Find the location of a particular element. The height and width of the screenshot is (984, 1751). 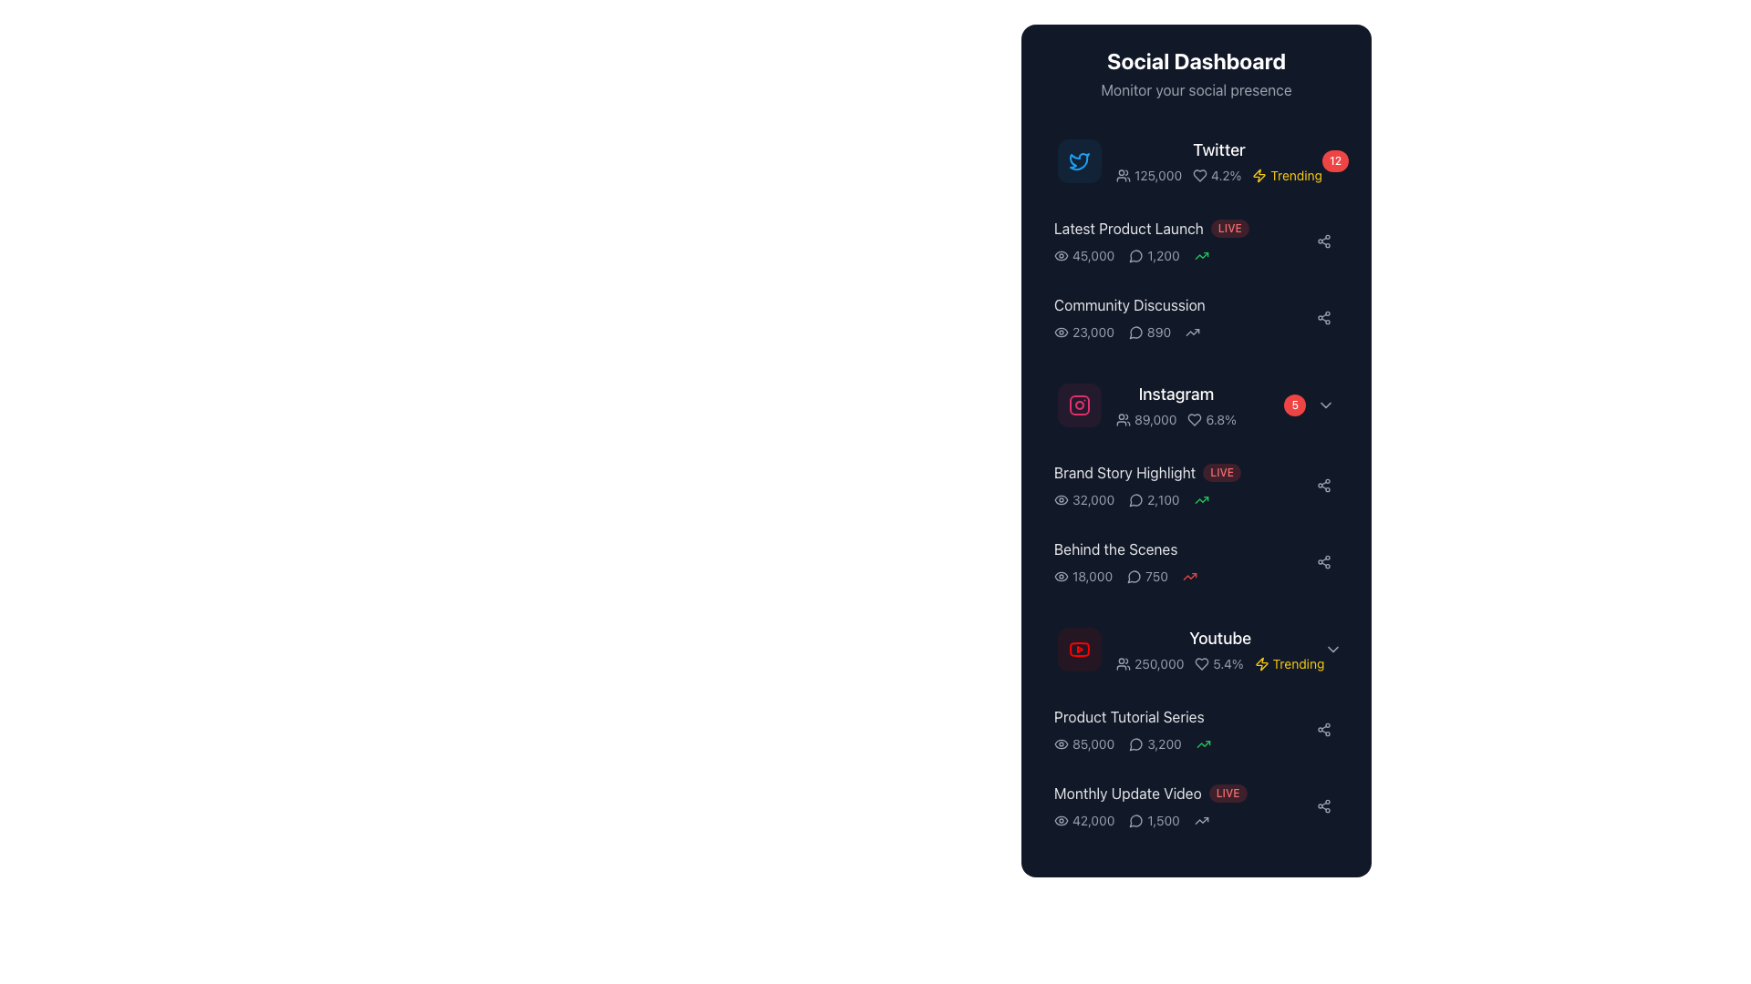

the eye icon that represents view count metrics, located to the left of the text '85,000' in the 'Product Tutorial Series' section is located at coordinates (1061, 744).